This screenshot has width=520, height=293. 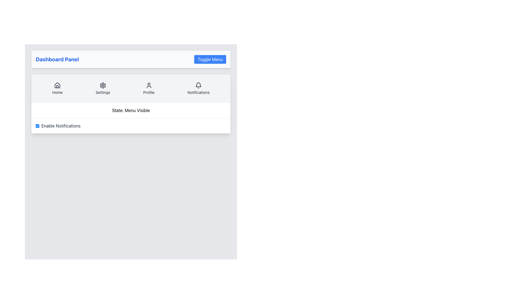 What do you see at coordinates (103, 92) in the screenshot?
I see `descriptive 'Settings' text label located in the navigation bar beneath the gear icon` at bounding box center [103, 92].